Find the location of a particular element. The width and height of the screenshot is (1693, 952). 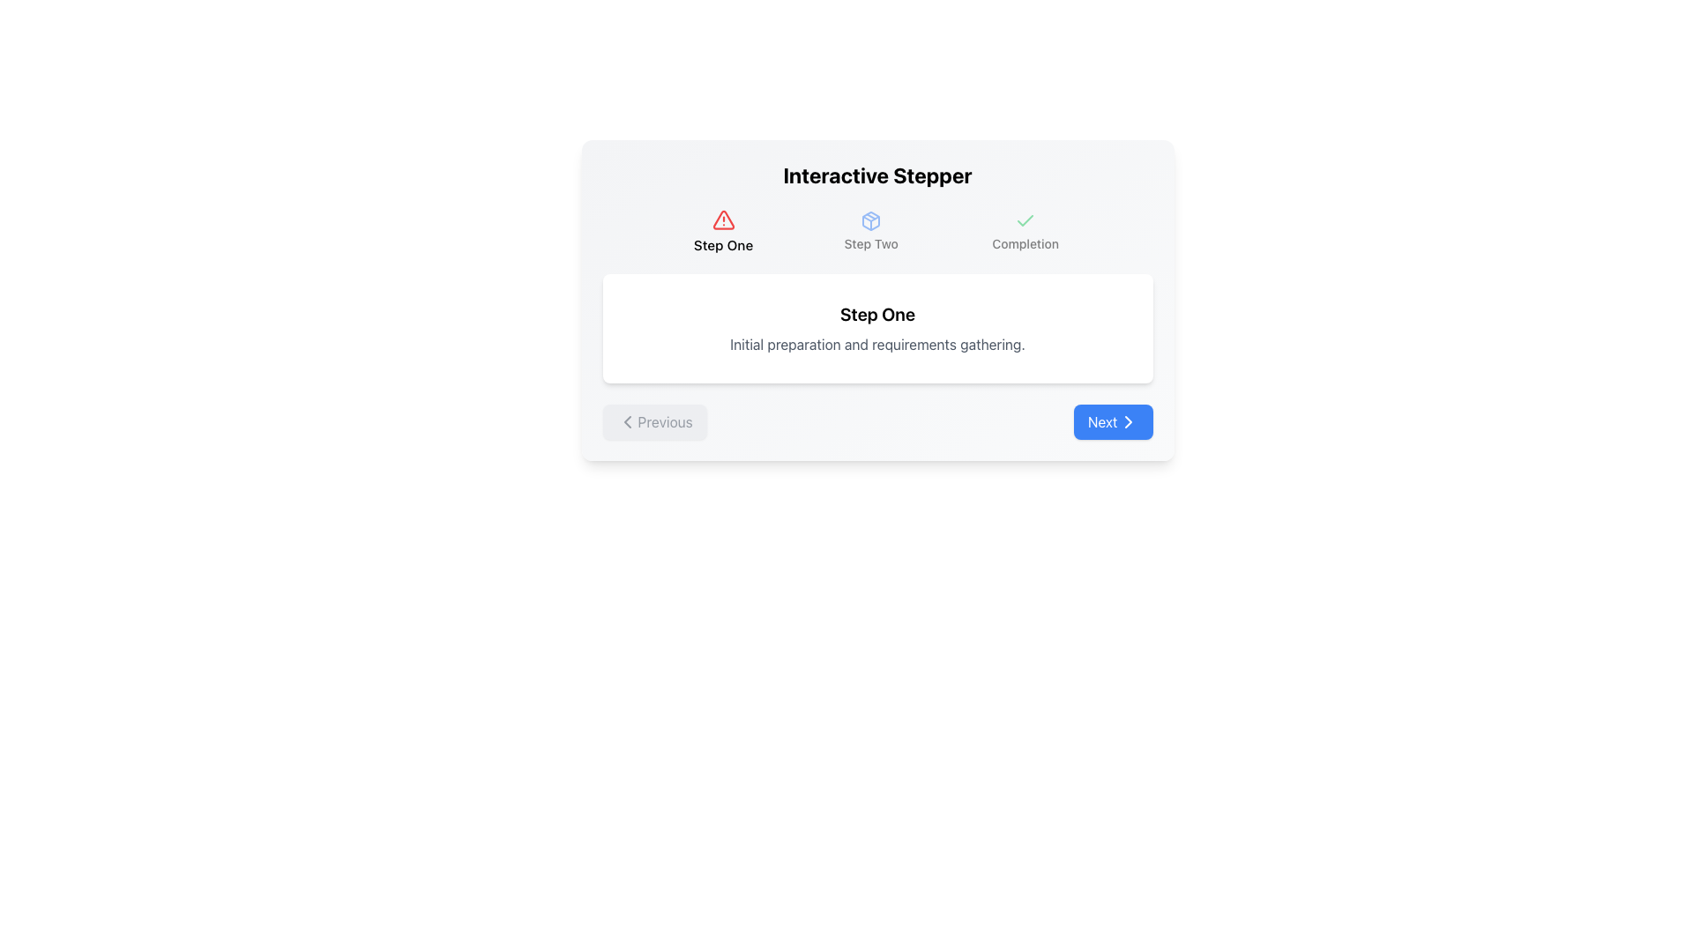

the blue package icon associated with the 'Step Two' label in the step indicator interface is located at coordinates (871, 219).